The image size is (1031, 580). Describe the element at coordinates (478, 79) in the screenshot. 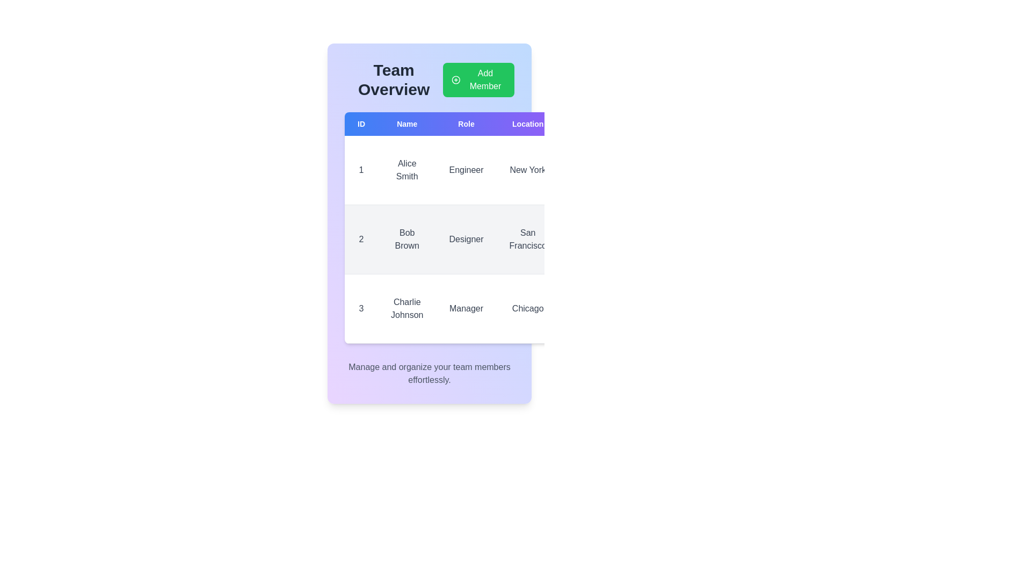

I see `the button in the upper-right corner of the 'Team Overview' section` at that location.